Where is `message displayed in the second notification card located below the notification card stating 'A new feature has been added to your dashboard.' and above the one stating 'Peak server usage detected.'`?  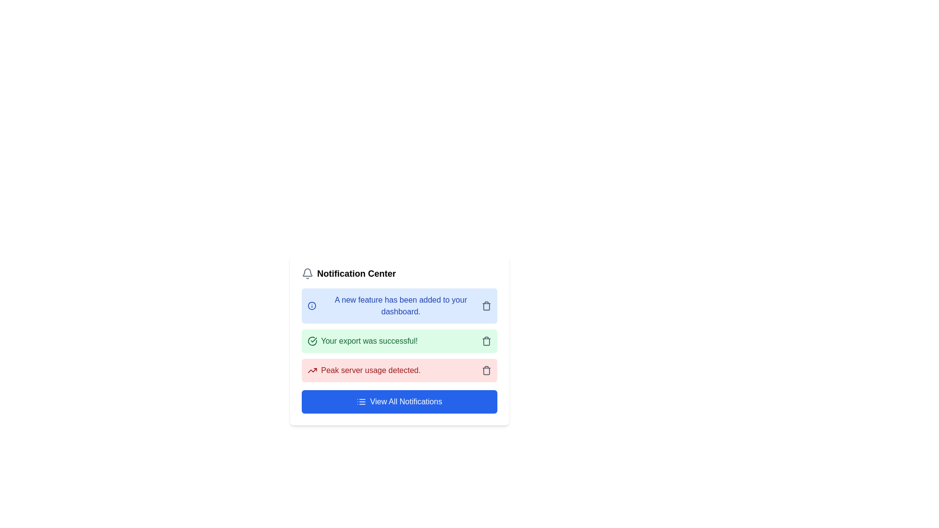 message displayed in the second notification card located below the notification card stating 'A new feature has been added to your dashboard.' and above the one stating 'Peak server usage detected.' is located at coordinates (369, 341).